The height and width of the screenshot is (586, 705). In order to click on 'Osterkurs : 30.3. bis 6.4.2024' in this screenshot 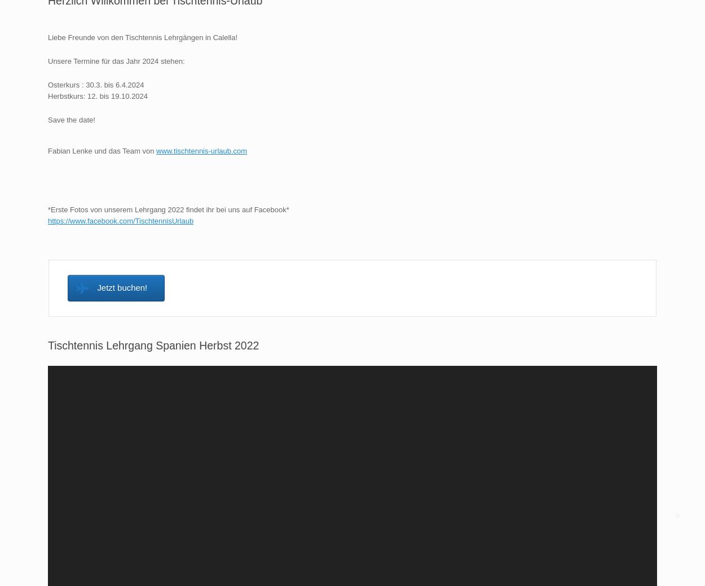, I will do `click(96, 84)`.